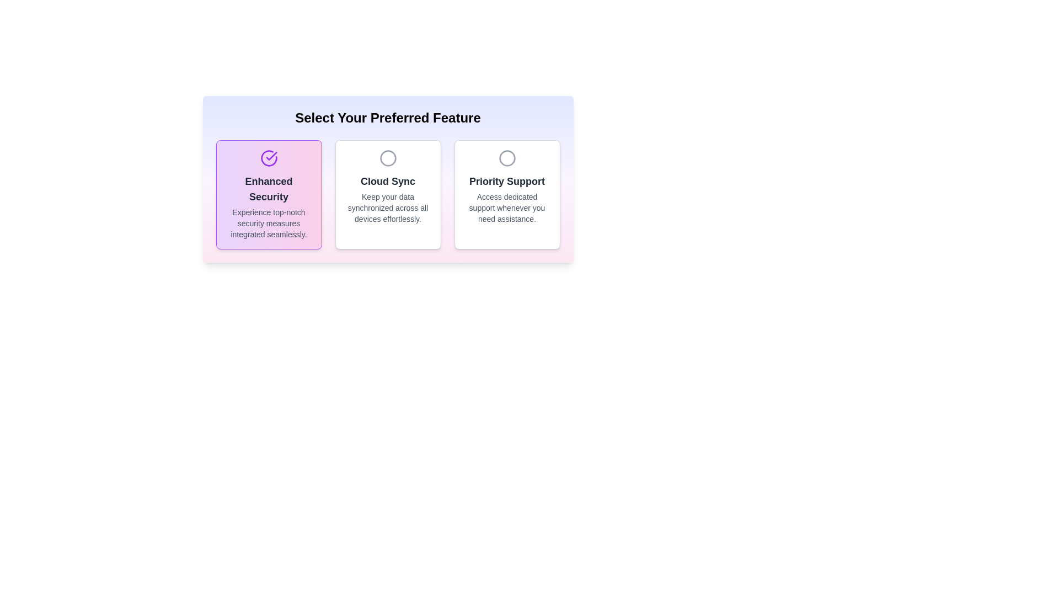  I want to click on the 'Enhanced Security' text label located in the first option card of the selection menu, which is positioned on the leftmost side and serves as the title for the card, so click(269, 189).